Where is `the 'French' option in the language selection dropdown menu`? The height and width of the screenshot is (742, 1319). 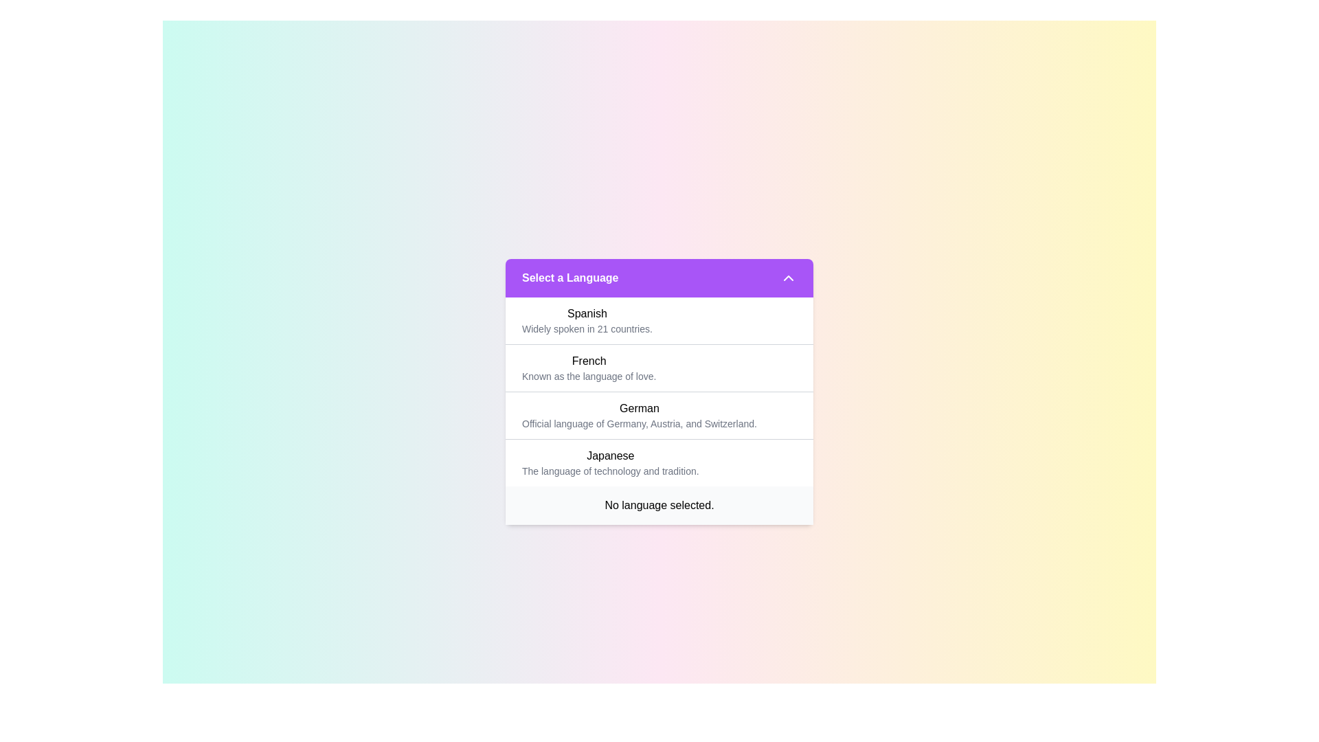
the 'French' option in the language selection dropdown menu is located at coordinates (659, 392).